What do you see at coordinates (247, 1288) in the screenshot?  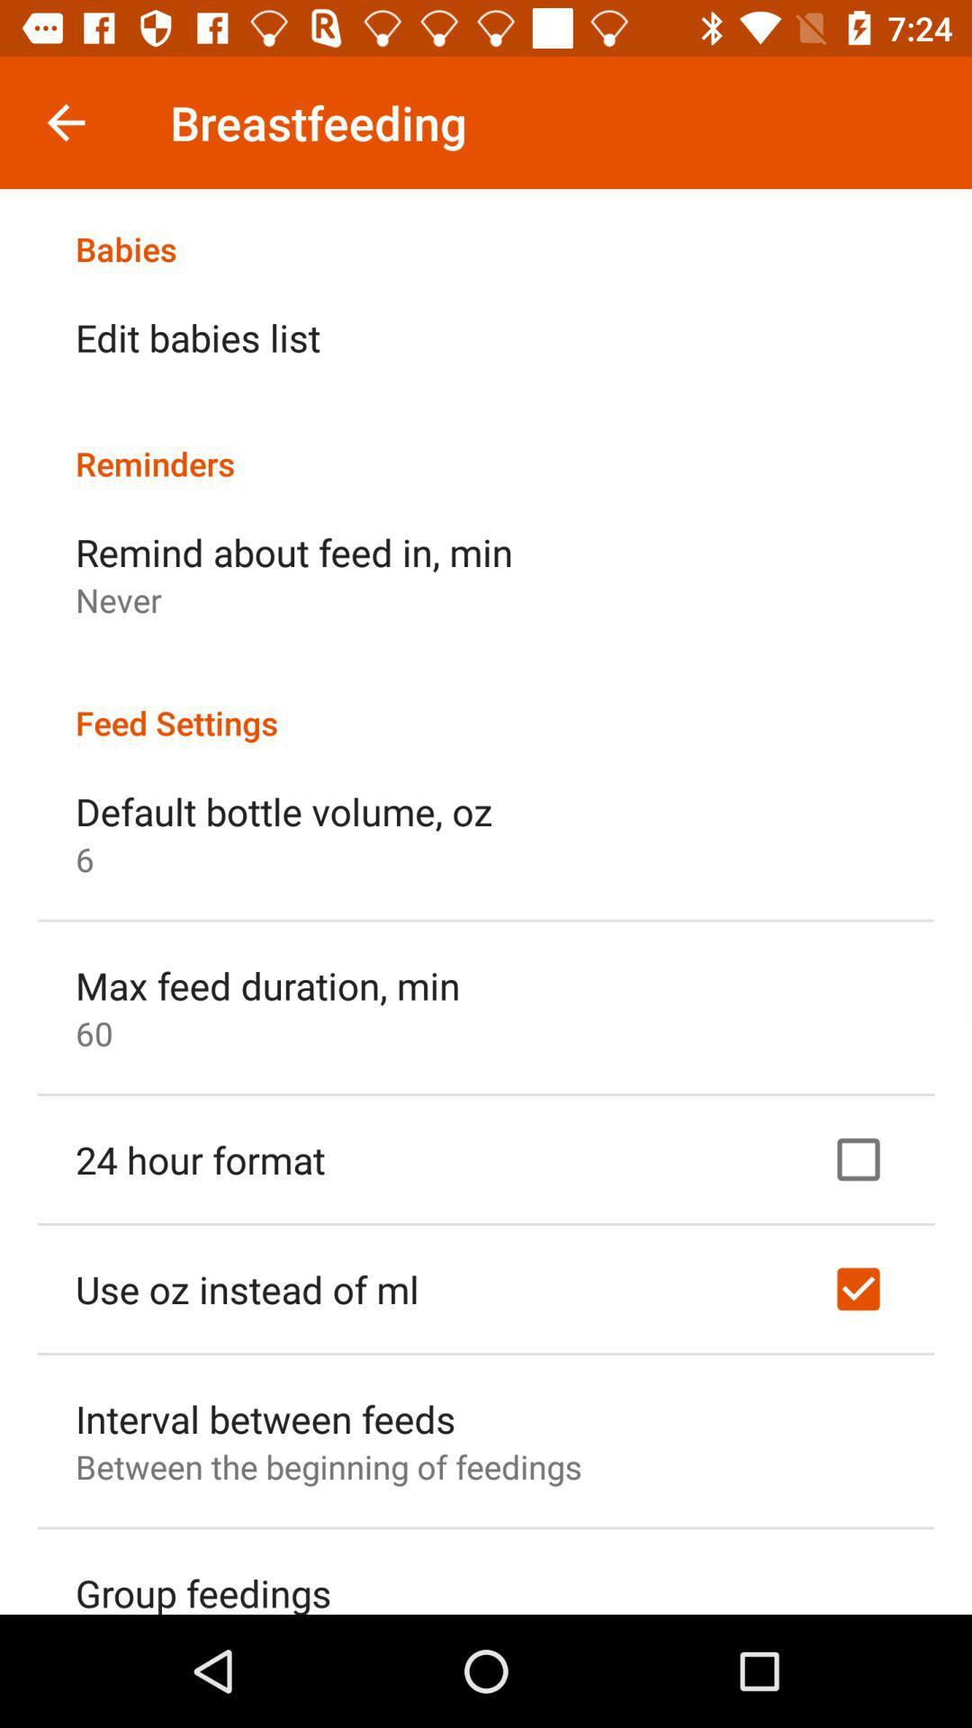 I see `item above the interval between feeds item` at bounding box center [247, 1288].